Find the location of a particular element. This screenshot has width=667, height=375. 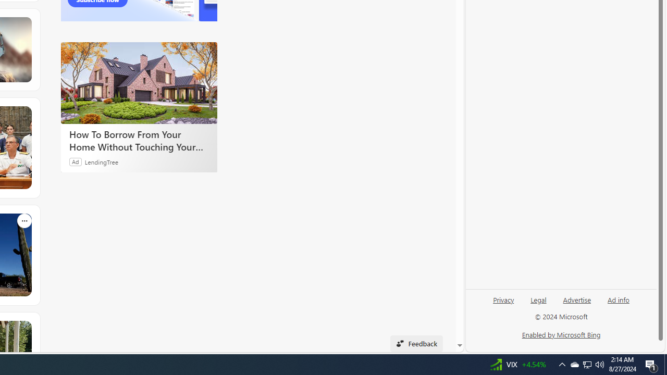

'Privacy' is located at coordinates (504, 304).